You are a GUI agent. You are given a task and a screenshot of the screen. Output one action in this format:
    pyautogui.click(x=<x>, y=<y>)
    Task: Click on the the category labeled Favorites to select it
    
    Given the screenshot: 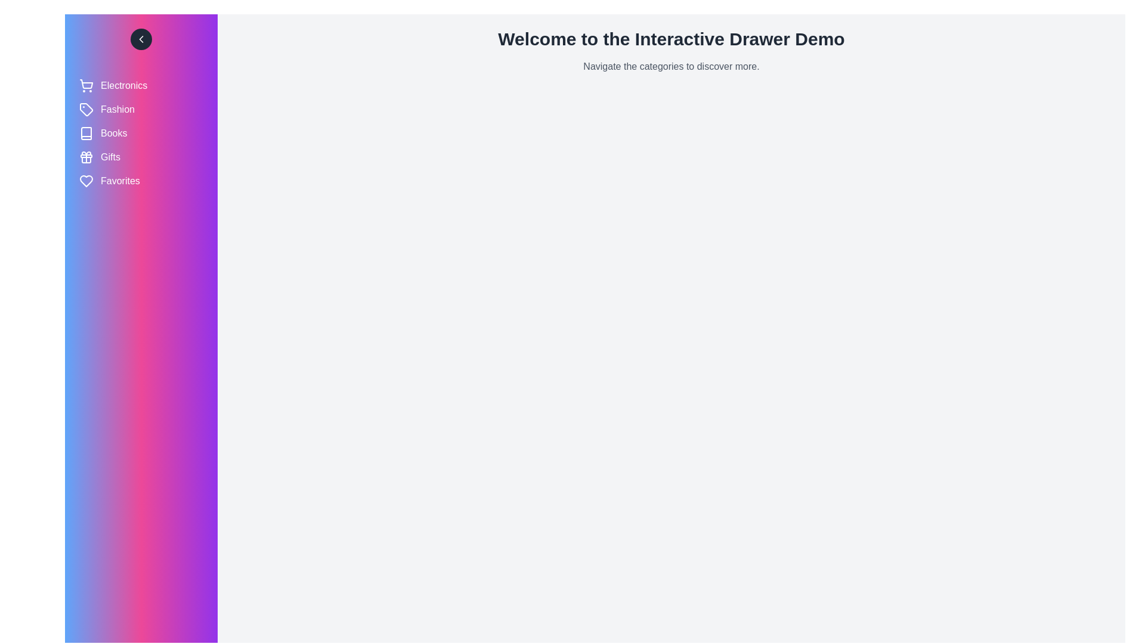 What is the action you would take?
    pyautogui.click(x=141, y=181)
    